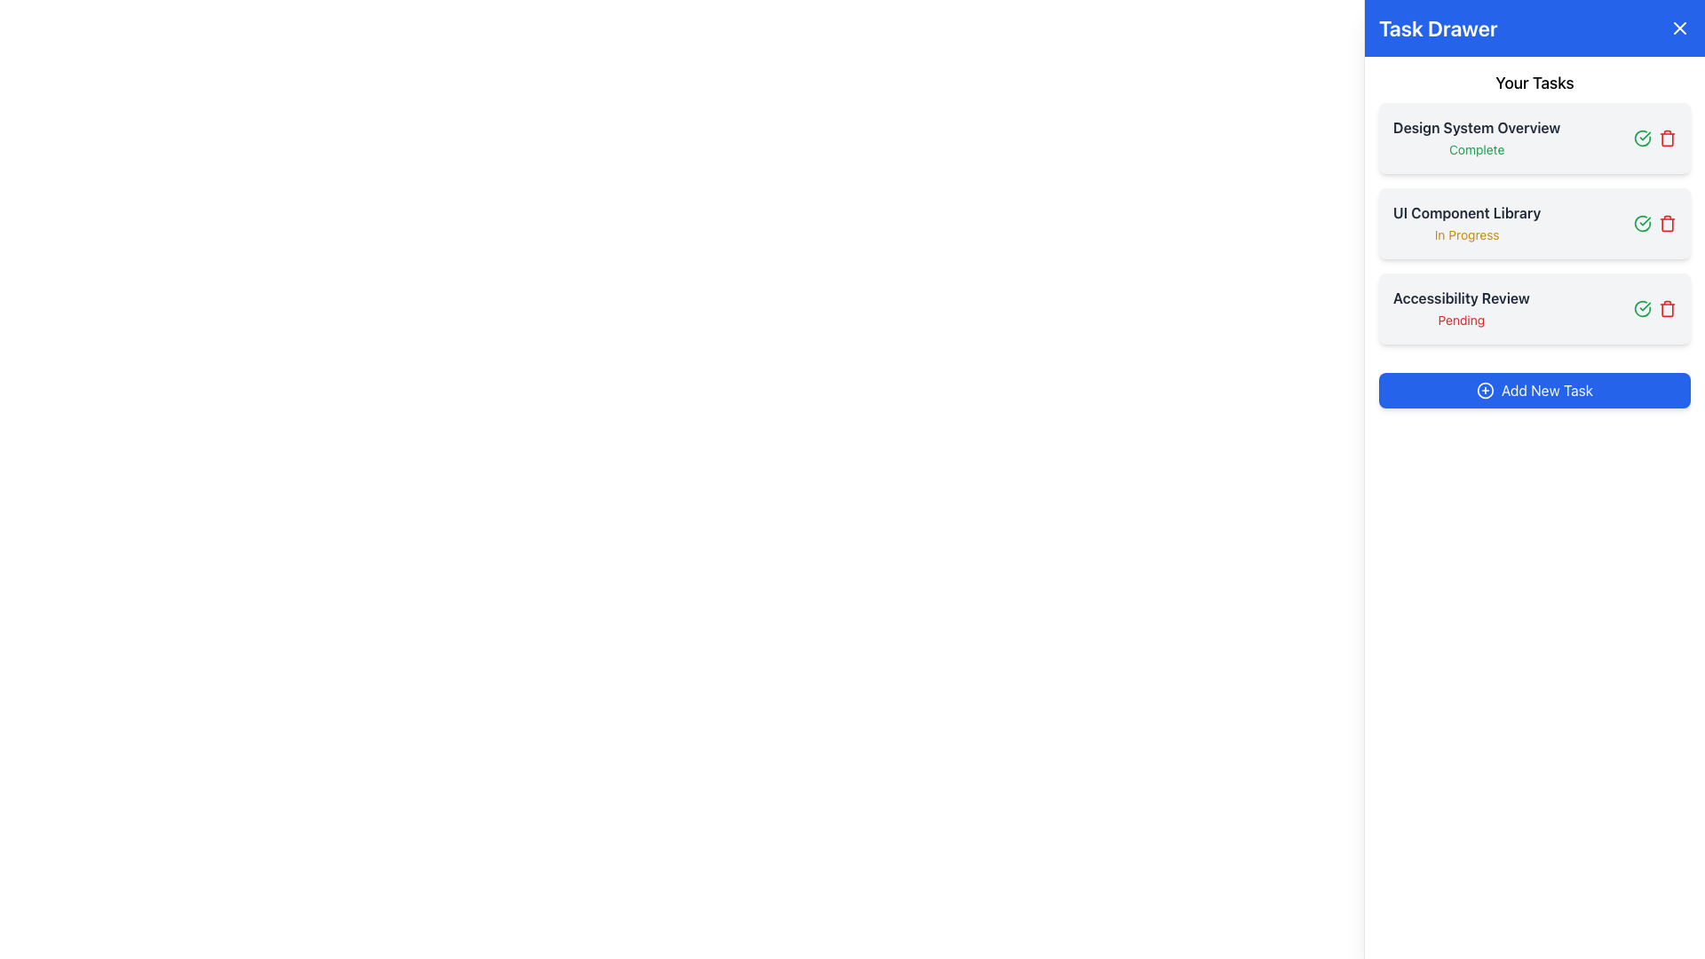 This screenshot has width=1705, height=959. I want to click on the delete button icon, which is the third icon in the horizontal layout of action buttons to the far right of the 'Accessibility Review' task item in the task drawer, so click(1666, 307).